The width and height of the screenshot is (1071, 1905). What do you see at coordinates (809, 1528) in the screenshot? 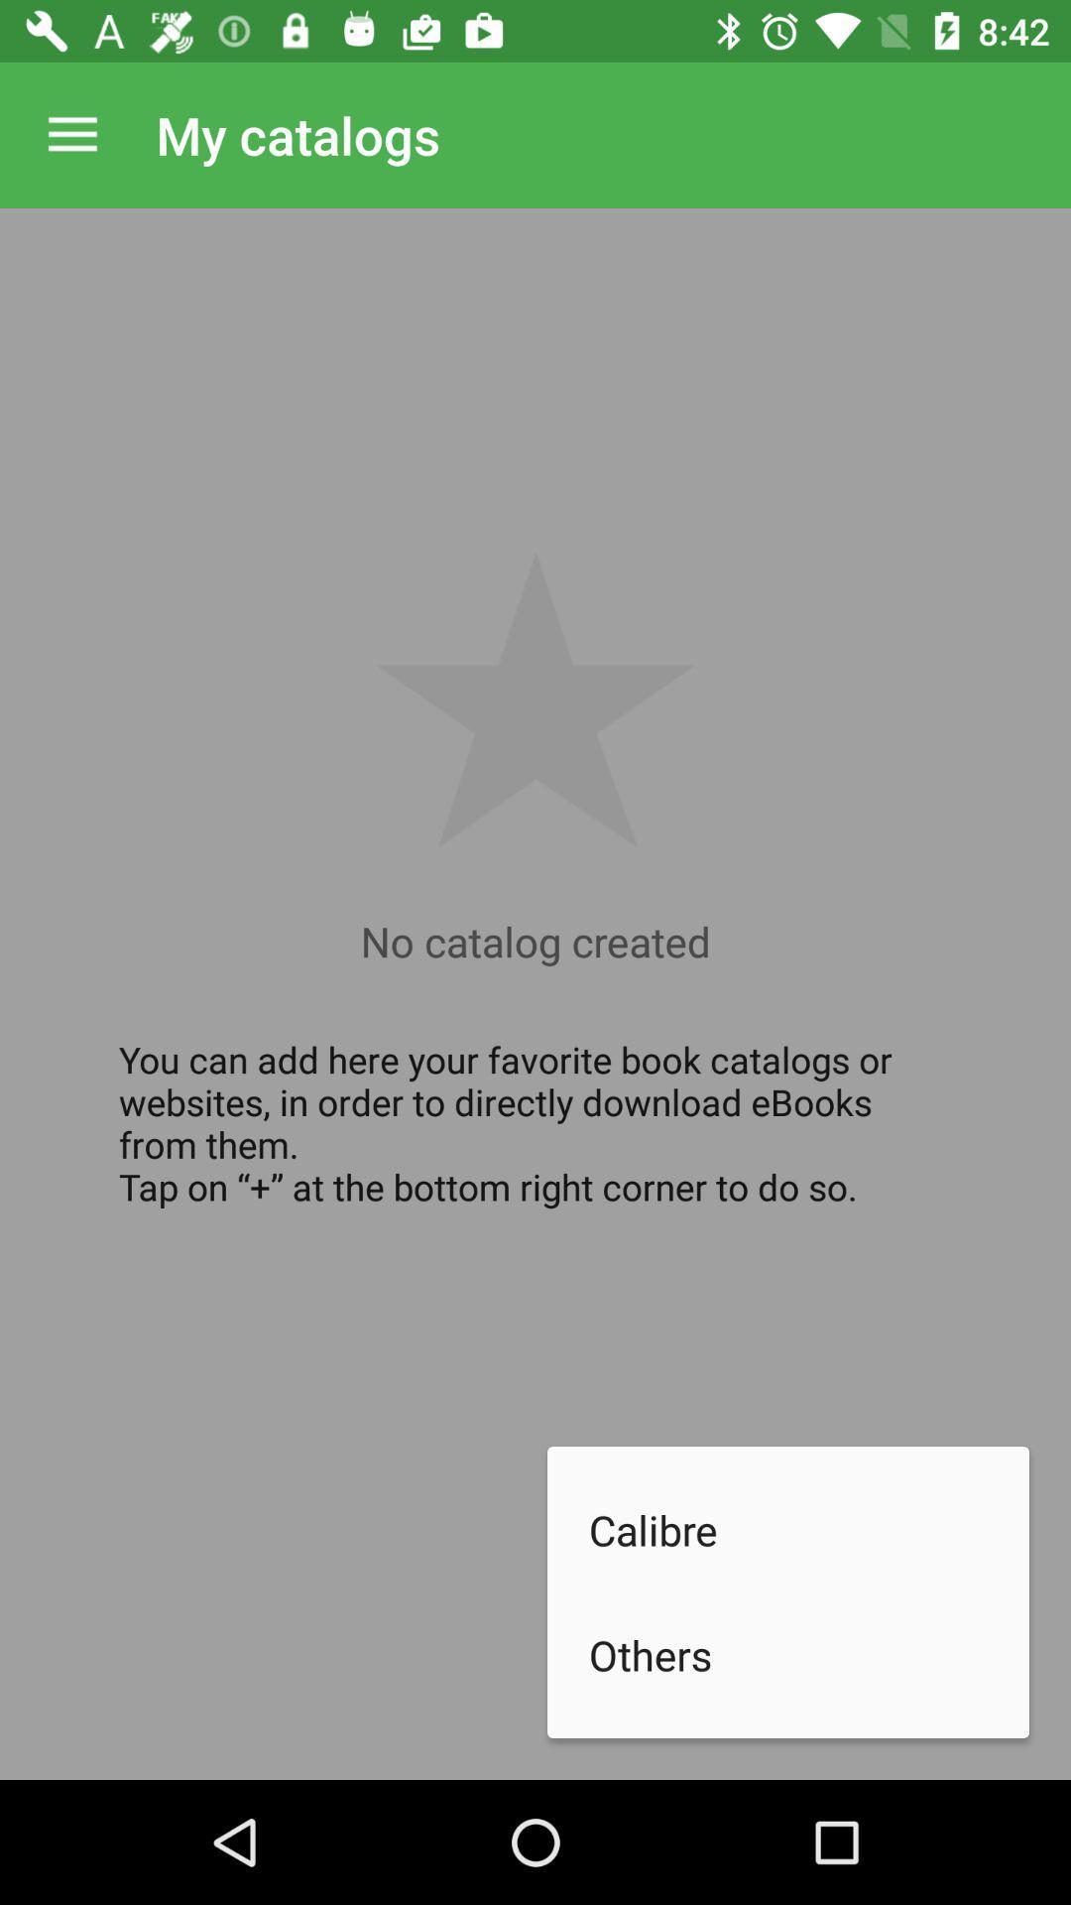
I see `the calibre` at bounding box center [809, 1528].